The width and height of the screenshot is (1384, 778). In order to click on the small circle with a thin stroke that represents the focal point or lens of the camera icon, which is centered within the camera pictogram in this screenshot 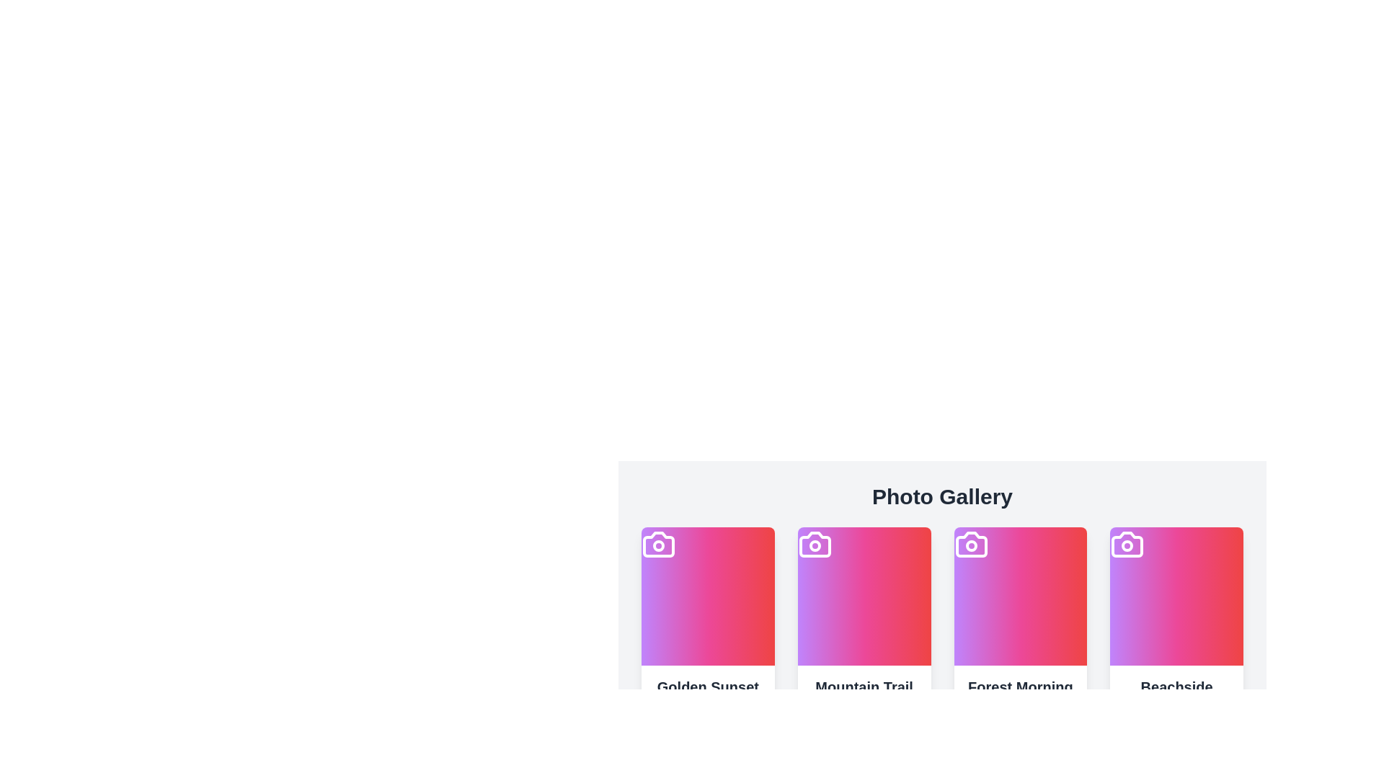, I will do `click(657, 546)`.